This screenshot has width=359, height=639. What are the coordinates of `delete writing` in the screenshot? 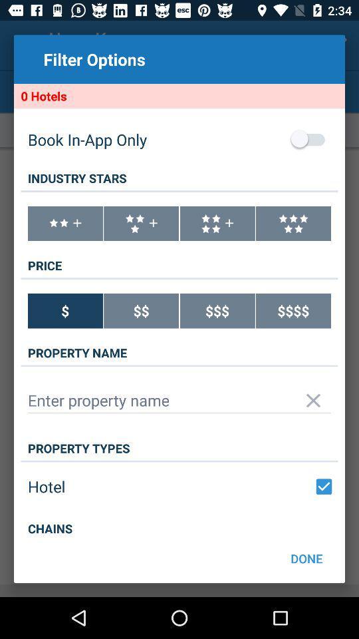 It's located at (313, 399).